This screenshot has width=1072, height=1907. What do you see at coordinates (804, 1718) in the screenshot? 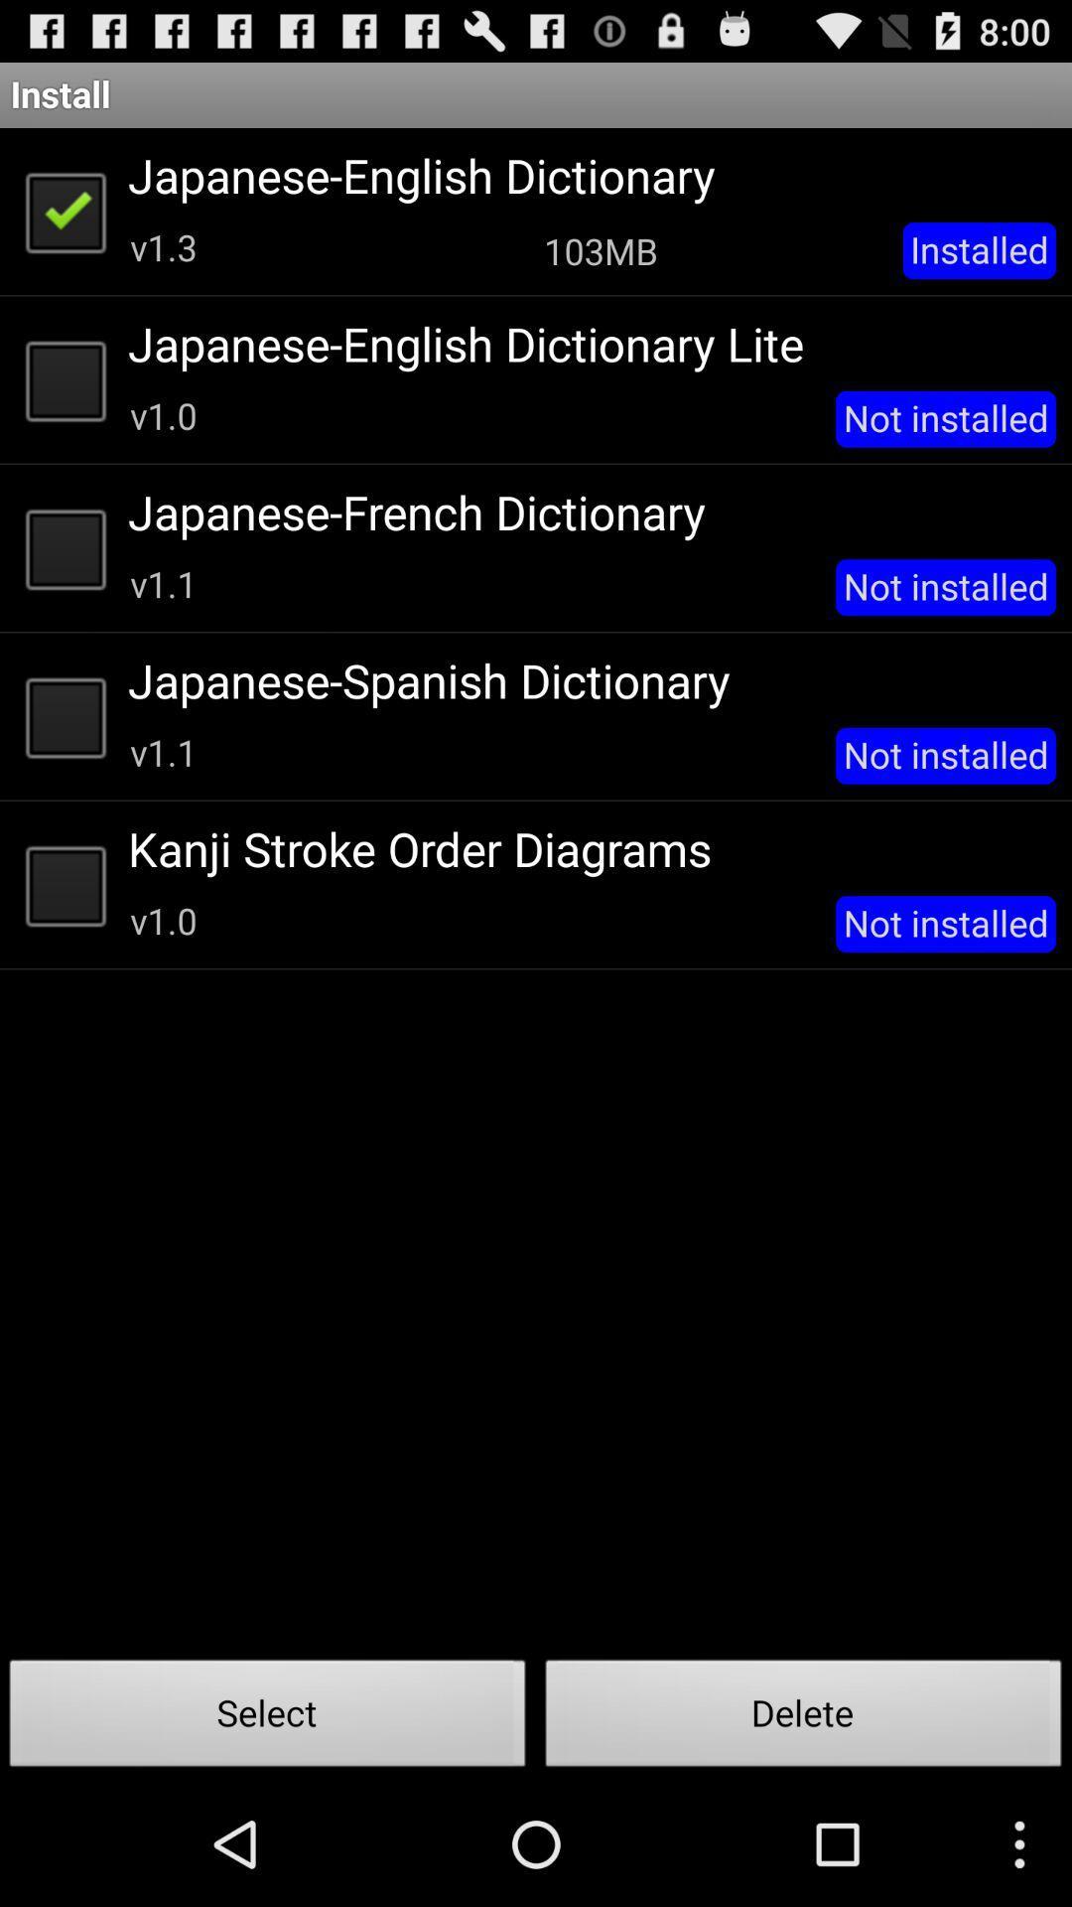
I see `item next to the select` at bounding box center [804, 1718].